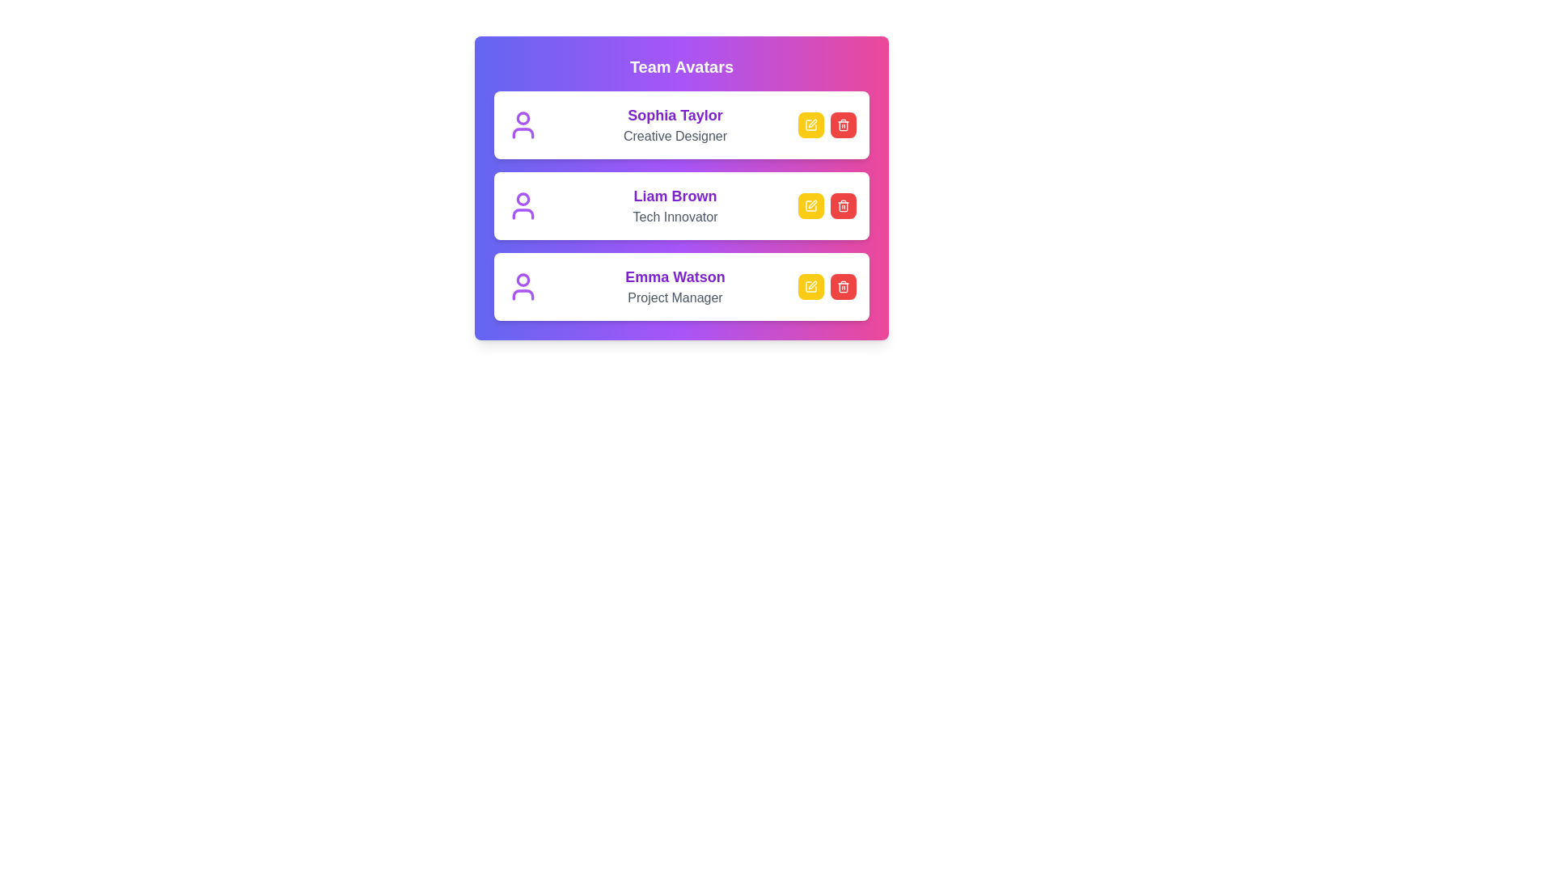 This screenshot has height=873, width=1553. Describe the element at coordinates (523, 117) in the screenshot. I see `the circular shape within the user icon representing 'Sophia Taylor' in the 'Team Avatars' list` at that location.